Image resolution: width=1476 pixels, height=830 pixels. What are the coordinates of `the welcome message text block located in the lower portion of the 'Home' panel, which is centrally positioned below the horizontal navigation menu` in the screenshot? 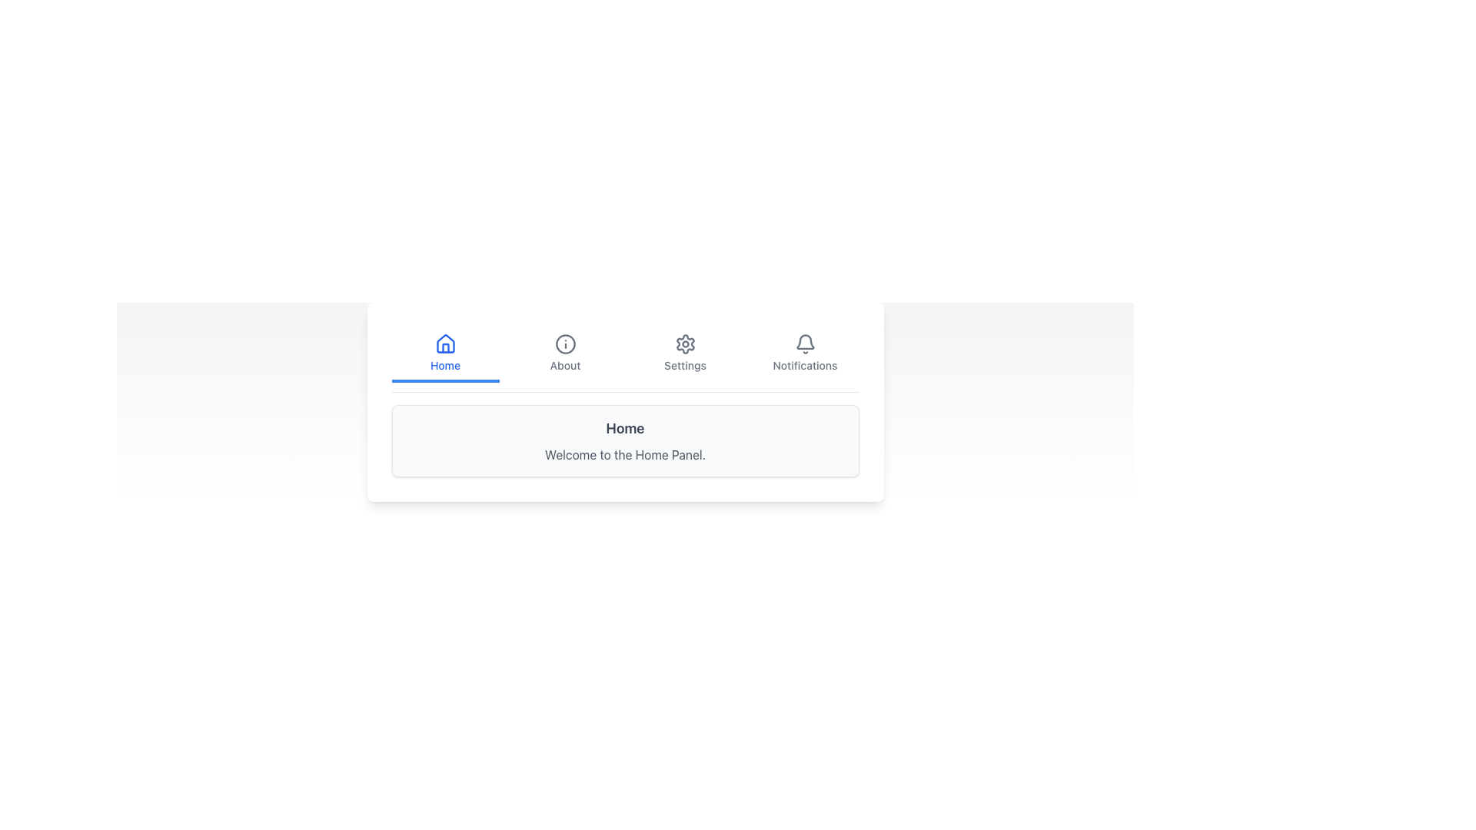 It's located at (625, 453).